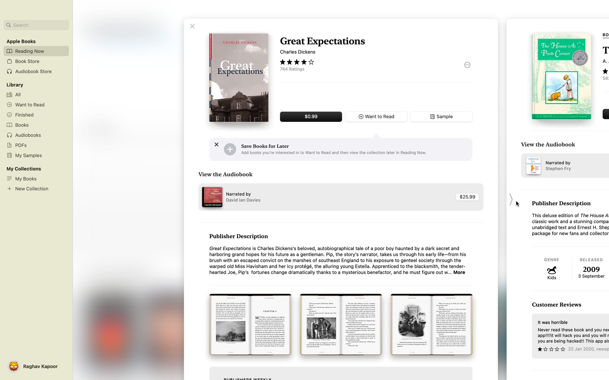 The width and height of the screenshot is (609, 380). I want to click on Navigate down to view the book"s table of contents, so click(1144920, 419520).